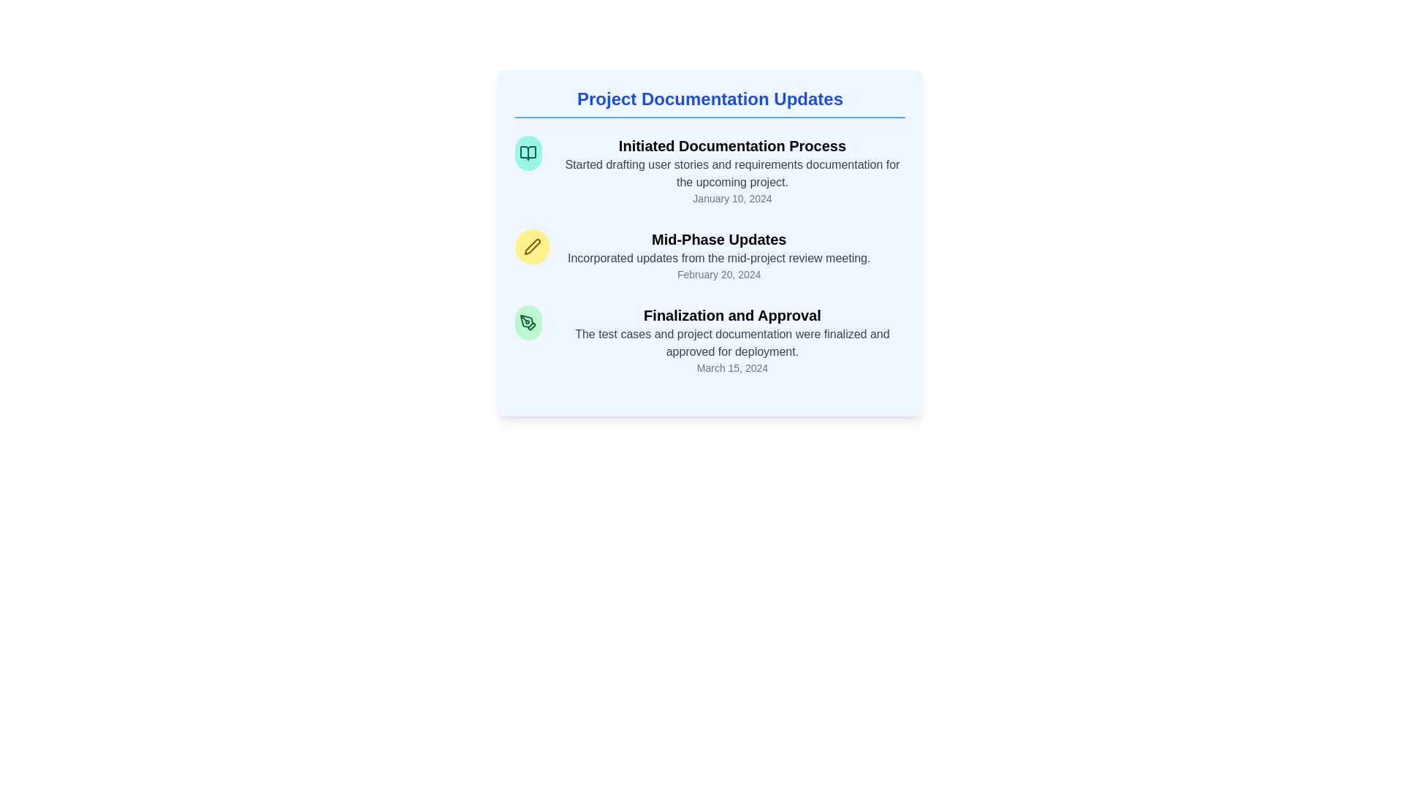 This screenshot has height=789, width=1403. Describe the element at coordinates (528, 322) in the screenshot. I see `the icon that visually identifies the 'Finalization and Approval' section, located to the left of its title in the vertical list of project documentation updates` at that location.